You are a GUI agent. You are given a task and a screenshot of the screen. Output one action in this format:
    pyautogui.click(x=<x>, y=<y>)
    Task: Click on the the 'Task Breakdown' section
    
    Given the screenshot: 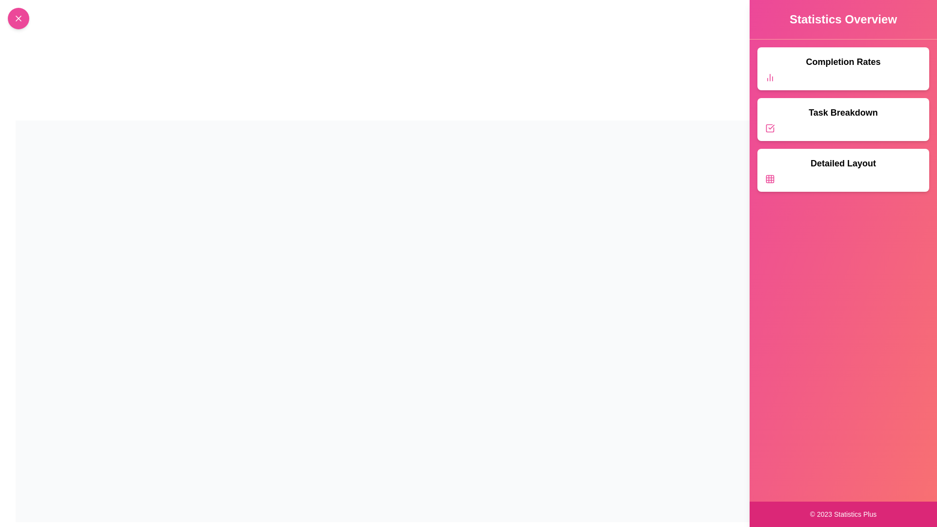 What is the action you would take?
    pyautogui.click(x=843, y=119)
    